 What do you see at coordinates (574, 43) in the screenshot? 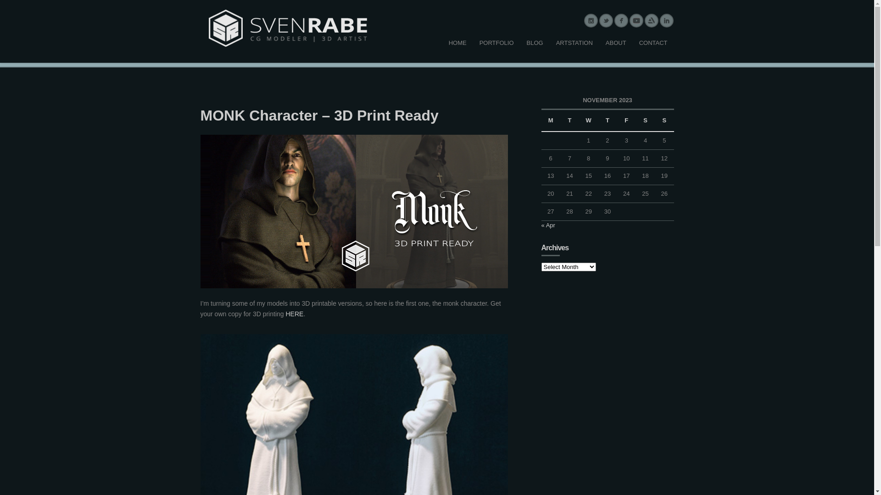
I see `'ARTSTATION'` at bounding box center [574, 43].